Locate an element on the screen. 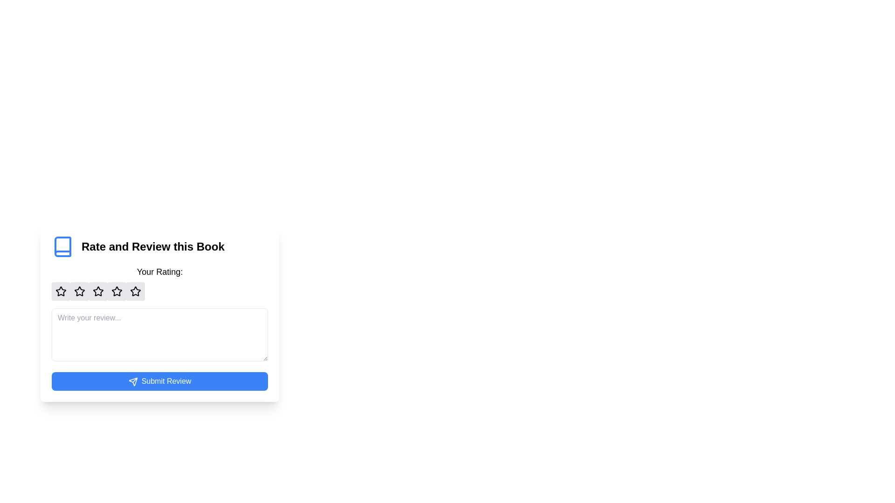  the first star-shaped icon in the rating interface is located at coordinates (60, 291).